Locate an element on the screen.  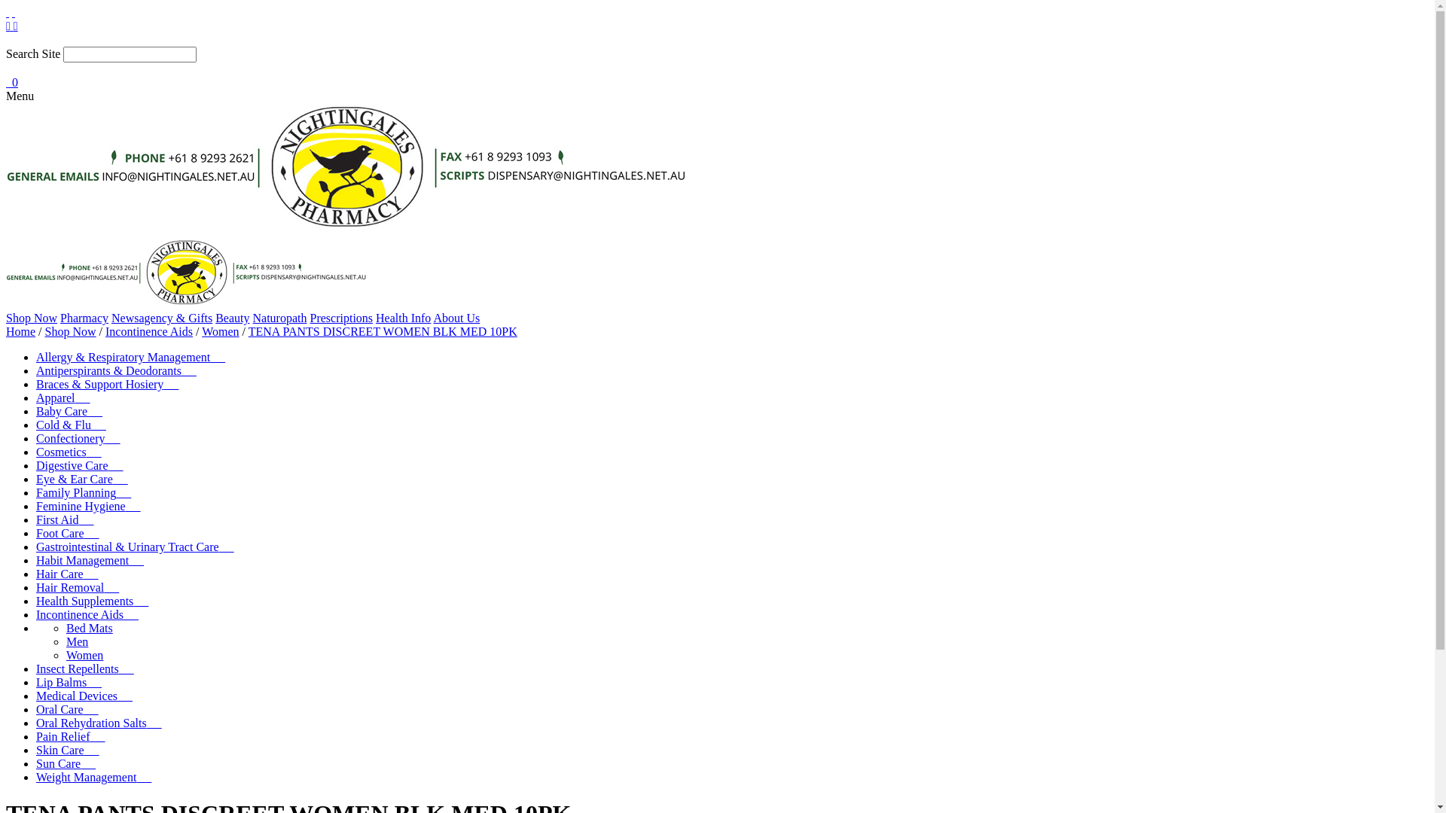
'Lip Balms     ' is located at coordinates (36, 682).